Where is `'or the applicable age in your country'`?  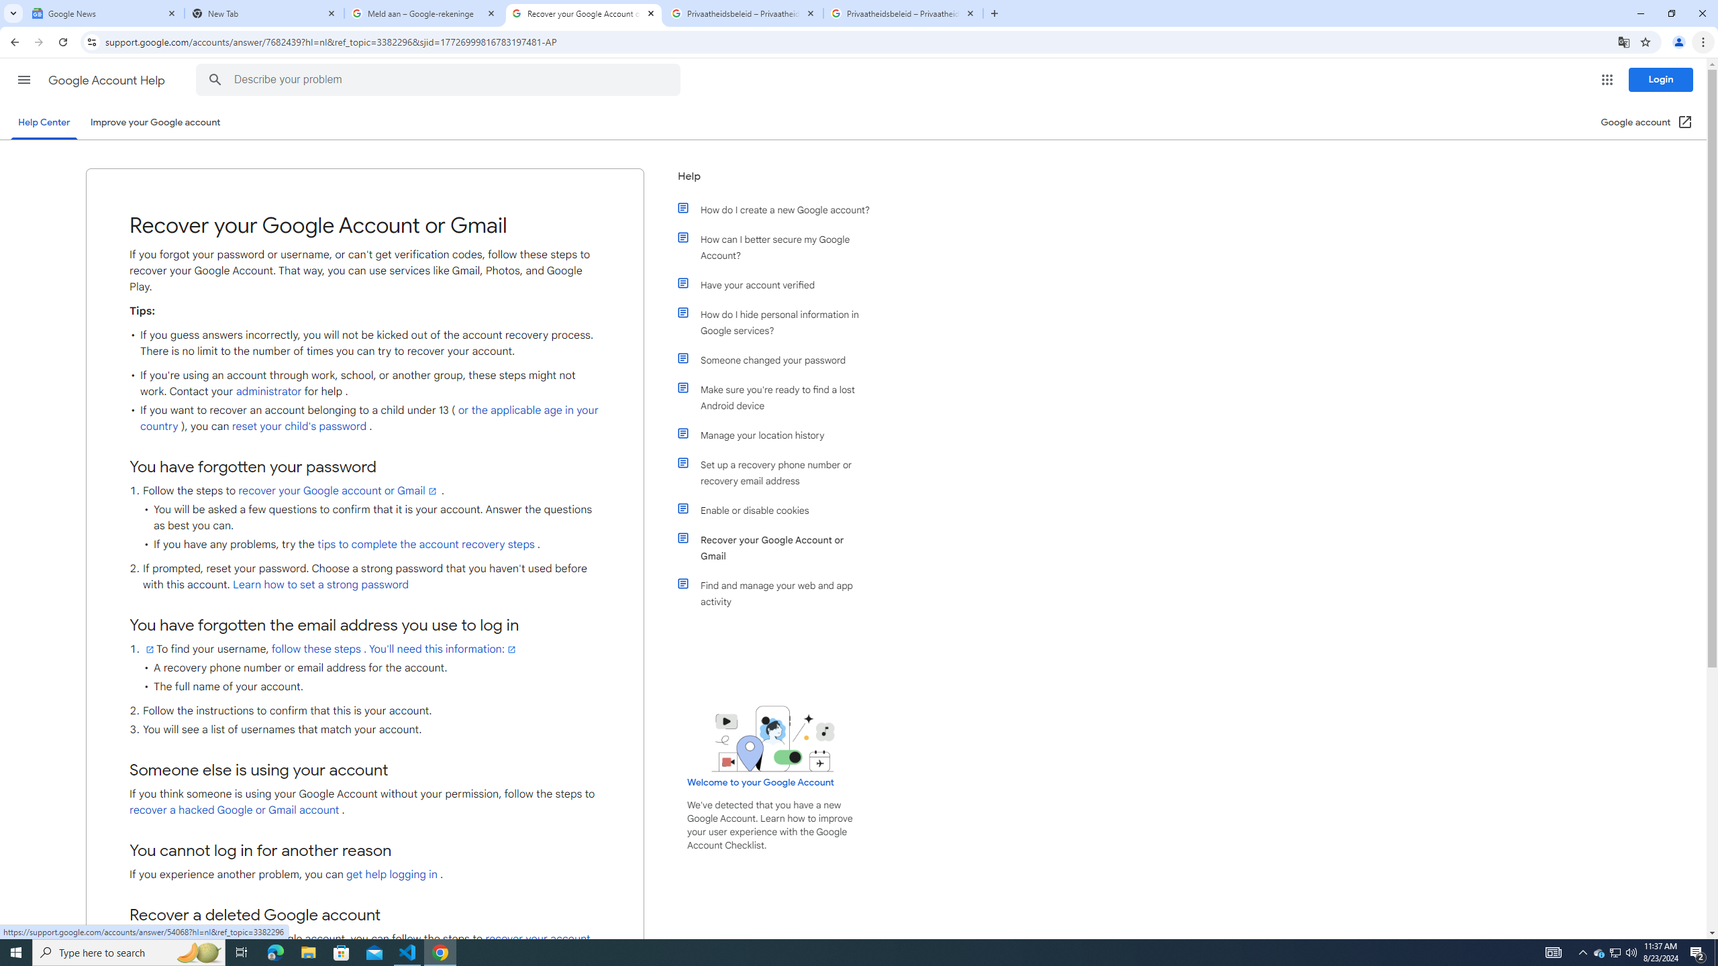 'or the applicable age in your country' is located at coordinates (369, 419).